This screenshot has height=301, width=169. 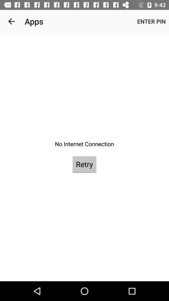 What do you see at coordinates (84, 164) in the screenshot?
I see `retry item` at bounding box center [84, 164].